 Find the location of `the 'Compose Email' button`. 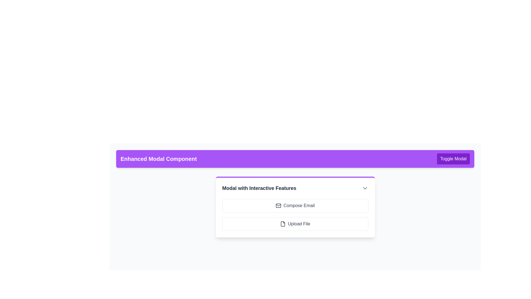

the 'Compose Email' button is located at coordinates (295, 206).